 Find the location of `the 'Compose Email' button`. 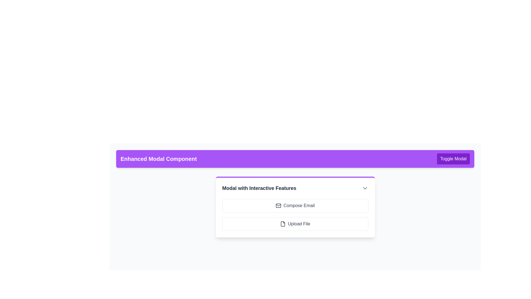

the 'Compose Email' button is located at coordinates (295, 206).